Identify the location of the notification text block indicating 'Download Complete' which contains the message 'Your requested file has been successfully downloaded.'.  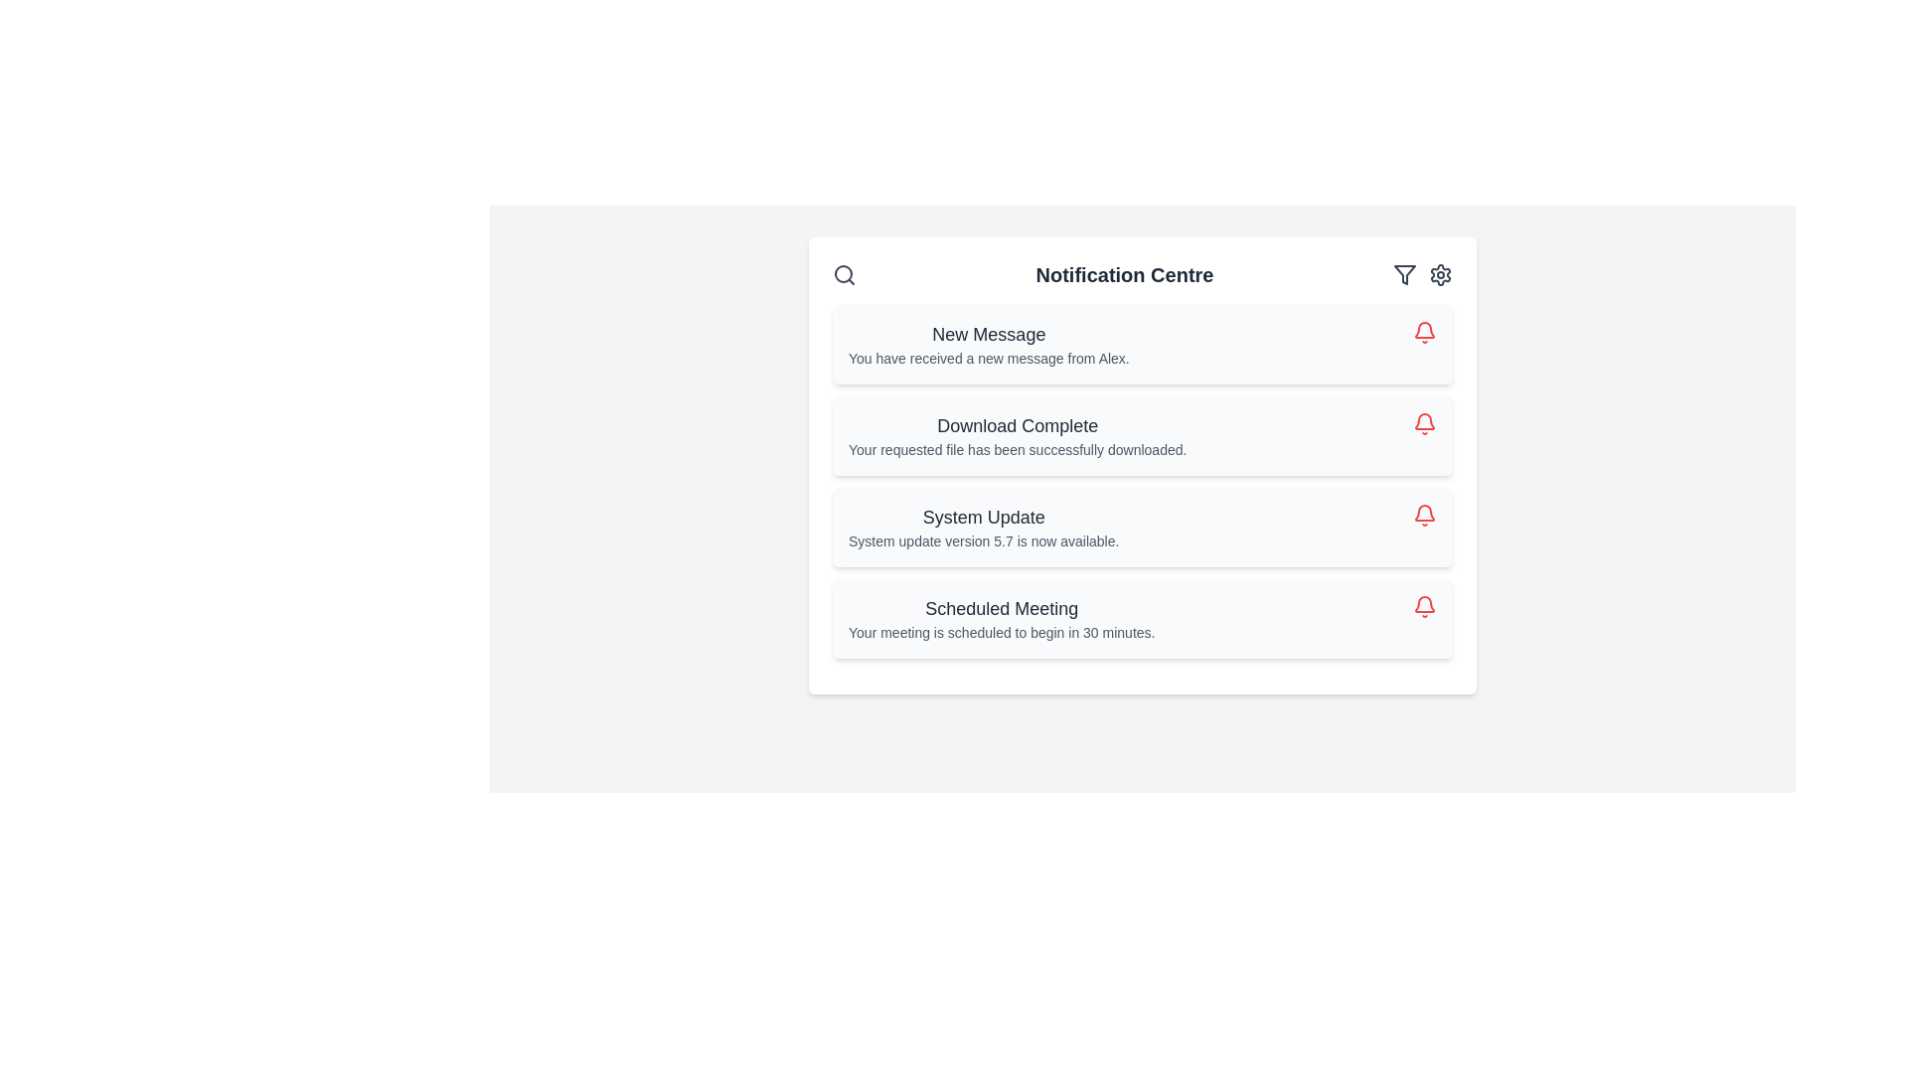
(1018, 435).